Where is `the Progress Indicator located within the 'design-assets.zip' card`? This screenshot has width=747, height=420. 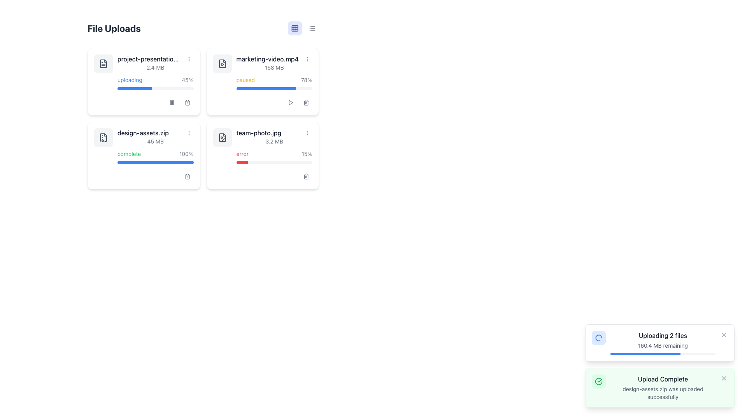 the Progress Indicator located within the 'design-assets.zip' card is located at coordinates (155, 157).